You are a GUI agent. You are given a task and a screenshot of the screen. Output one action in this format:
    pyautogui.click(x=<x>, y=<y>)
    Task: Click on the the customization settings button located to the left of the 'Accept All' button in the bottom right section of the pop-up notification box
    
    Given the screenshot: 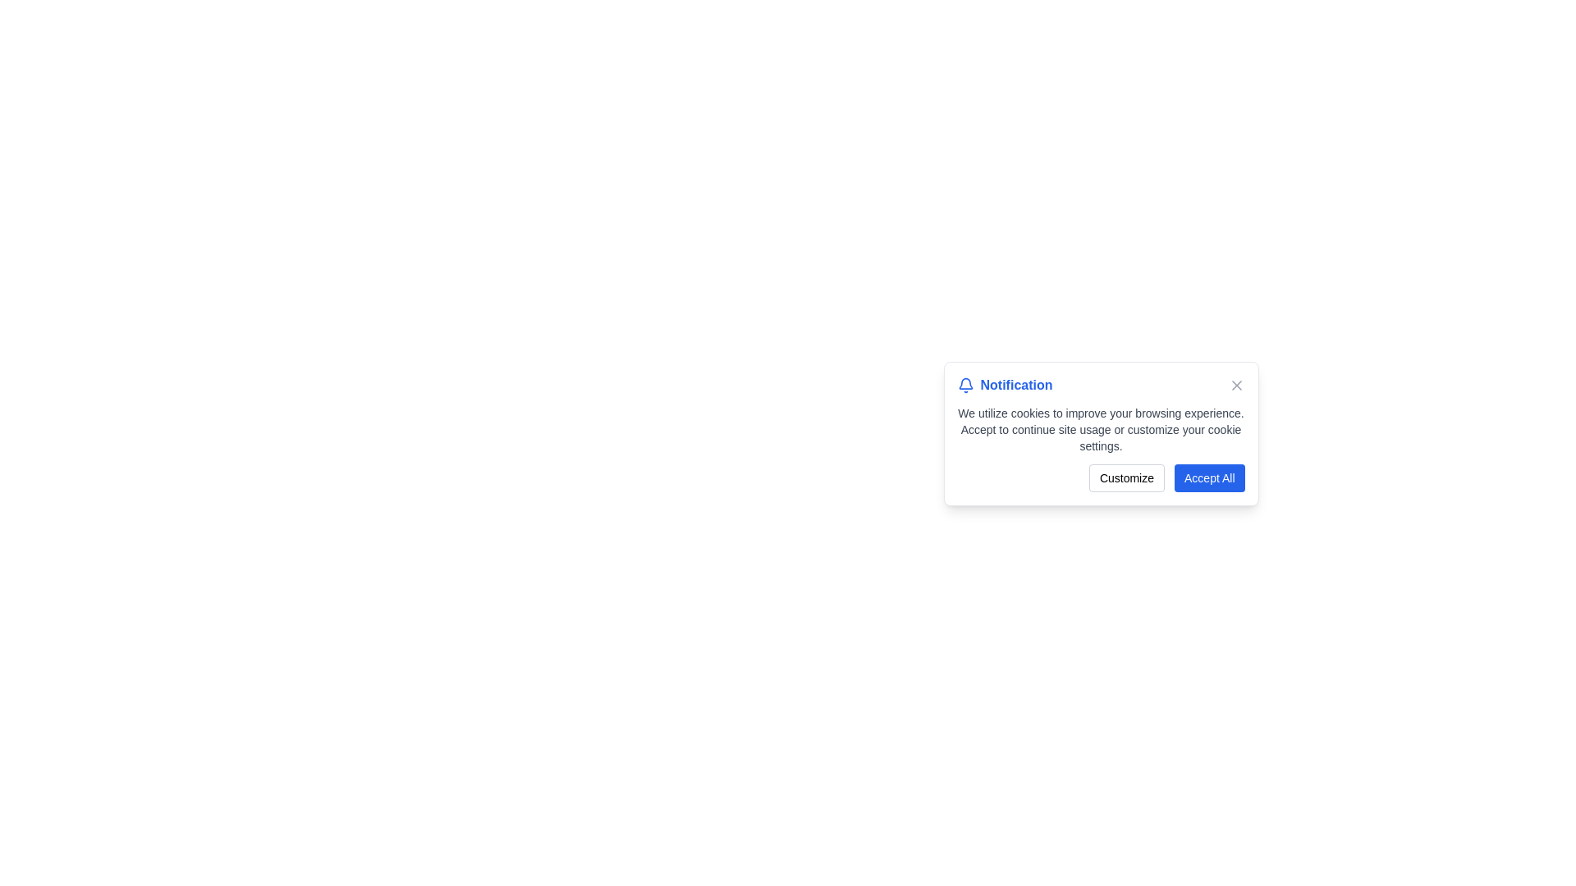 What is the action you would take?
    pyautogui.click(x=1125, y=477)
    